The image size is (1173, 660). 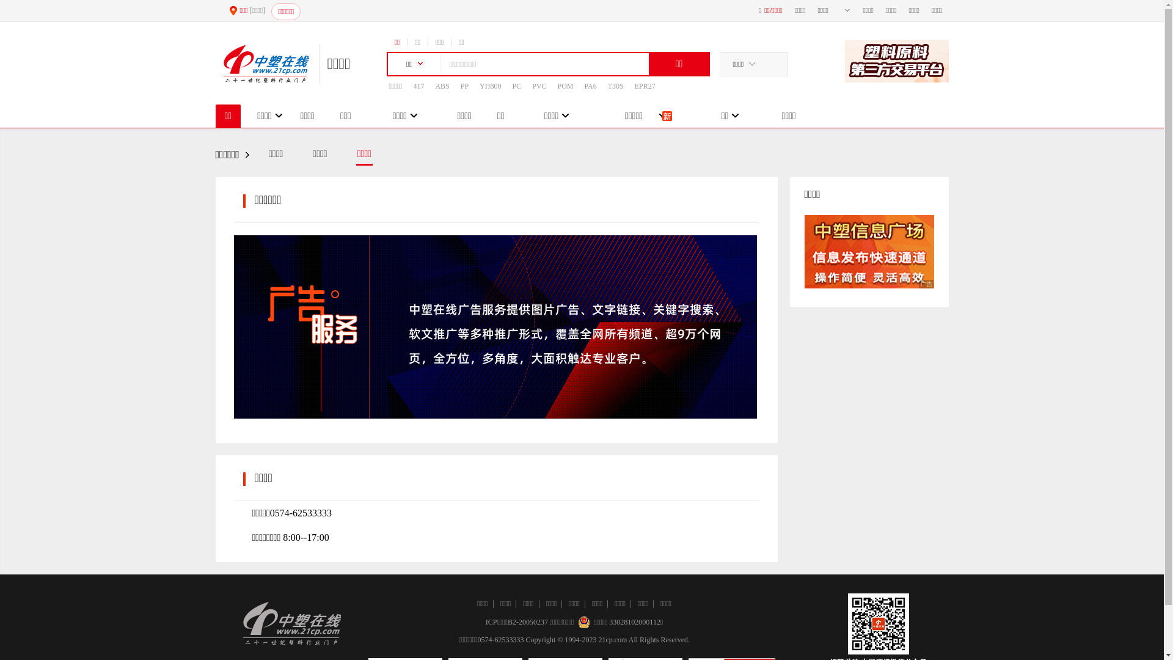 What do you see at coordinates (565, 86) in the screenshot?
I see `'POM'` at bounding box center [565, 86].